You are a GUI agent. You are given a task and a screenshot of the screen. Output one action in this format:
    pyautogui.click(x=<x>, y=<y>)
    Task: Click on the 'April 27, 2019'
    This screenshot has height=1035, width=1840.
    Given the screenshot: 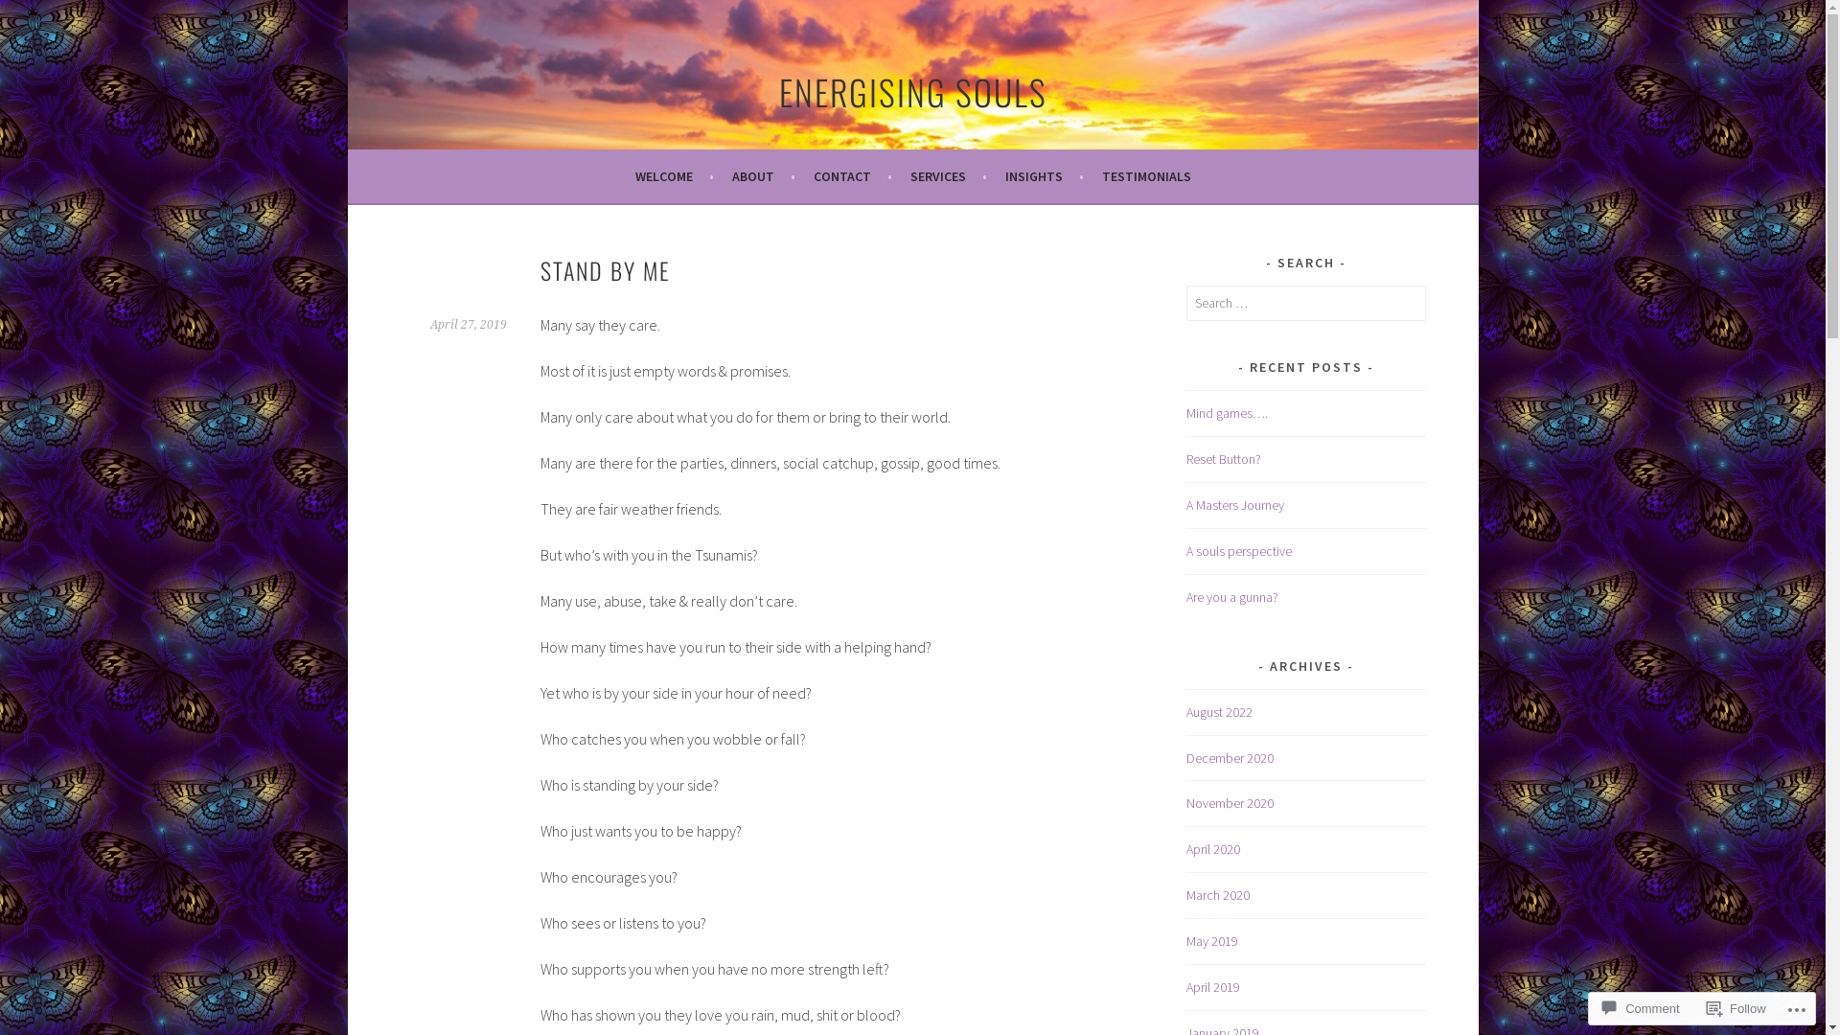 What is the action you would take?
    pyautogui.click(x=468, y=324)
    